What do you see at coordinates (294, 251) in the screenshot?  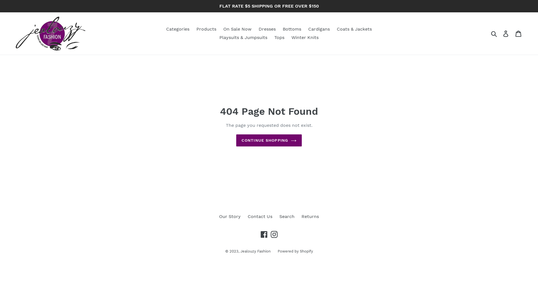 I see `'Powered by Shopify'` at bounding box center [294, 251].